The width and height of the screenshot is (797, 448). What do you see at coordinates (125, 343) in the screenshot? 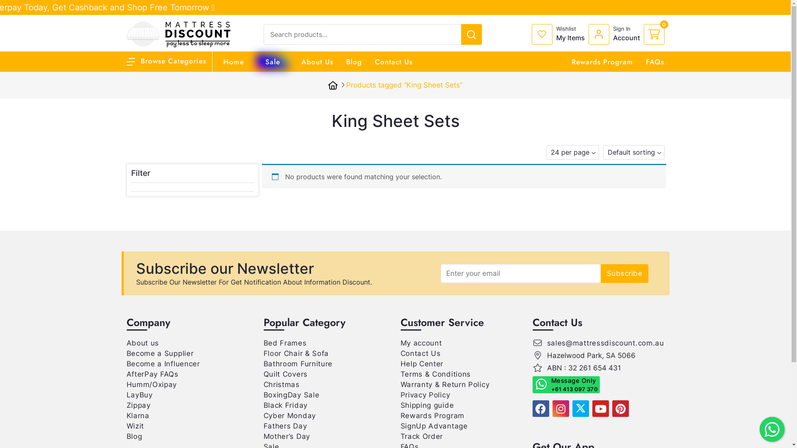
I see `'About us'` at bounding box center [125, 343].